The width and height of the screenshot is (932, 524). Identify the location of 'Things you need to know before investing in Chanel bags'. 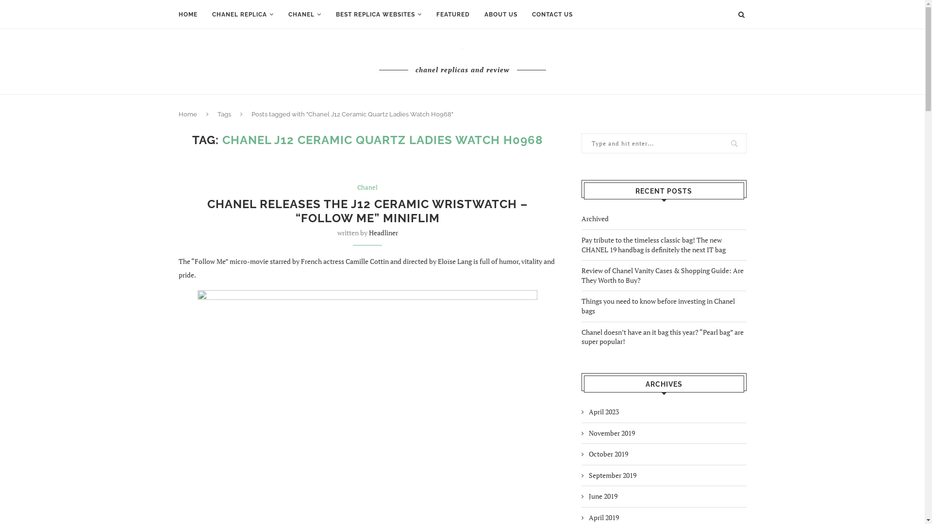
(658, 306).